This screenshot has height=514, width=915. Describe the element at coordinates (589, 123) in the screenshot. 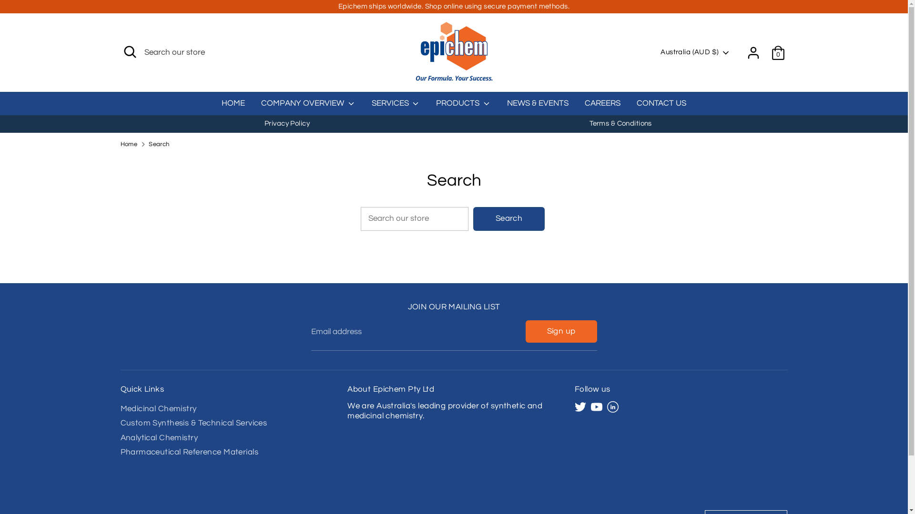

I see `'Terms & Conditions'` at that location.